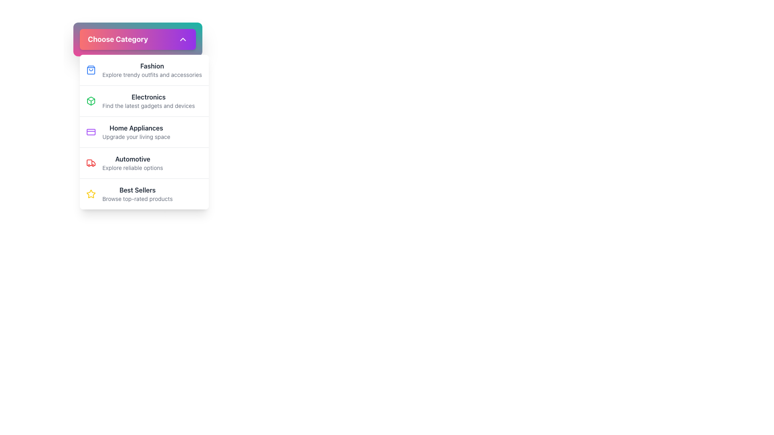  I want to click on the compact, green-outlined 3D box icon located in the 'Electronics' section of the dropdown menu under 'Choose Category.', so click(91, 100).